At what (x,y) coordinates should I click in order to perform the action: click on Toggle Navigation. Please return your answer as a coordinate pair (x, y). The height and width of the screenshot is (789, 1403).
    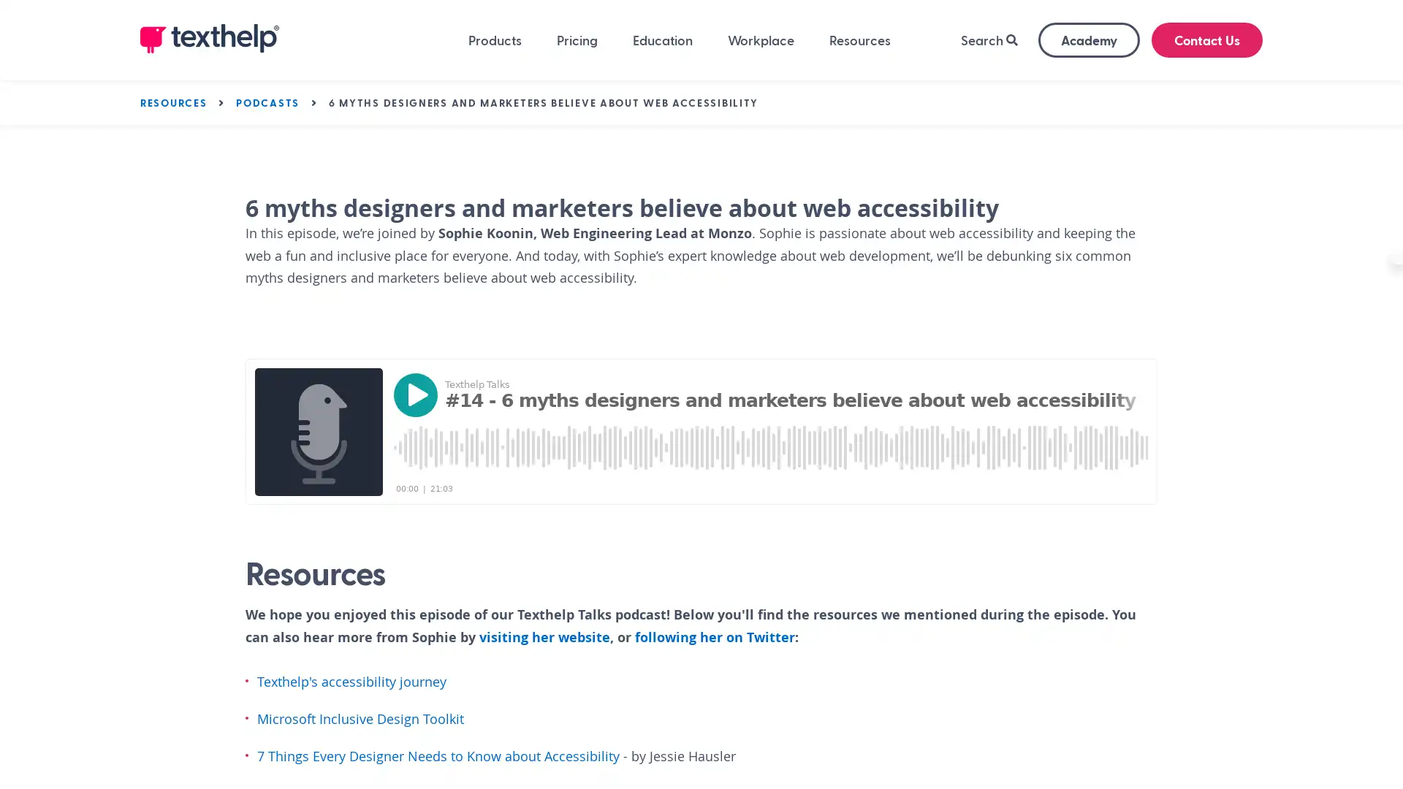
    Looking at the image, I should click on (791, 112).